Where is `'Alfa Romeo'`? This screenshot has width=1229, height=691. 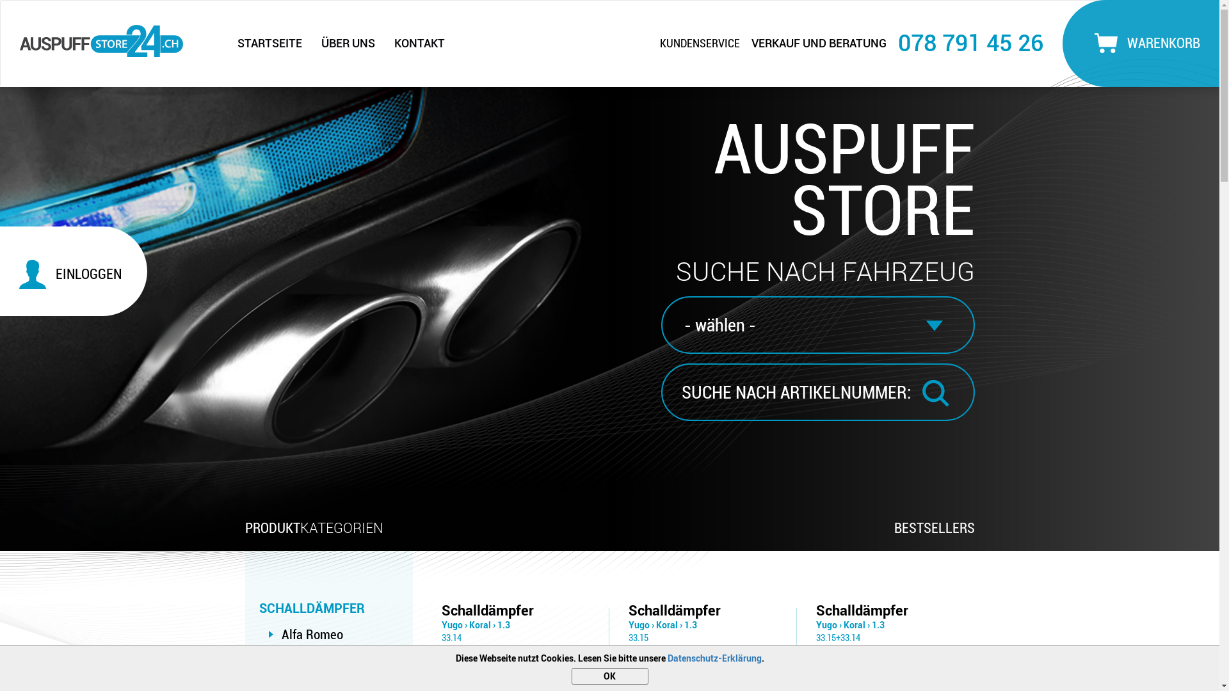 'Alfa Romeo' is located at coordinates (312, 634).